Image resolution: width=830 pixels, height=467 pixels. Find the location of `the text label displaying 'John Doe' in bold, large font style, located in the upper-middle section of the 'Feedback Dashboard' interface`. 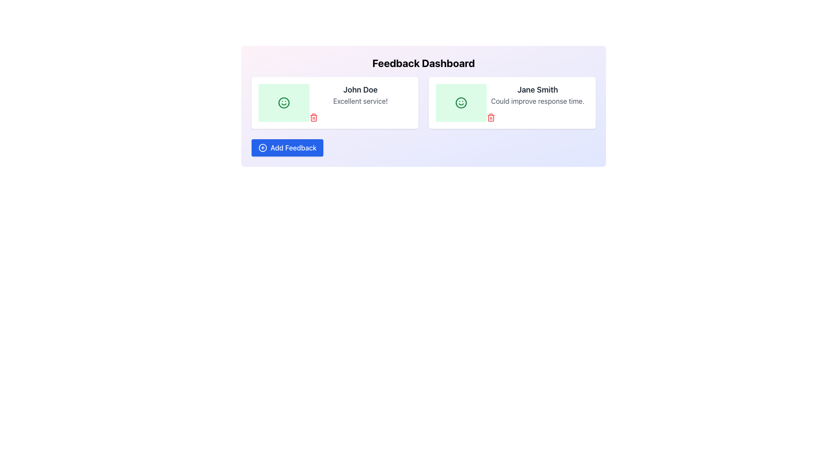

the text label displaying 'John Doe' in bold, large font style, located in the upper-middle section of the 'Feedback Dashboard' interface is located at coordinates (361, 90).